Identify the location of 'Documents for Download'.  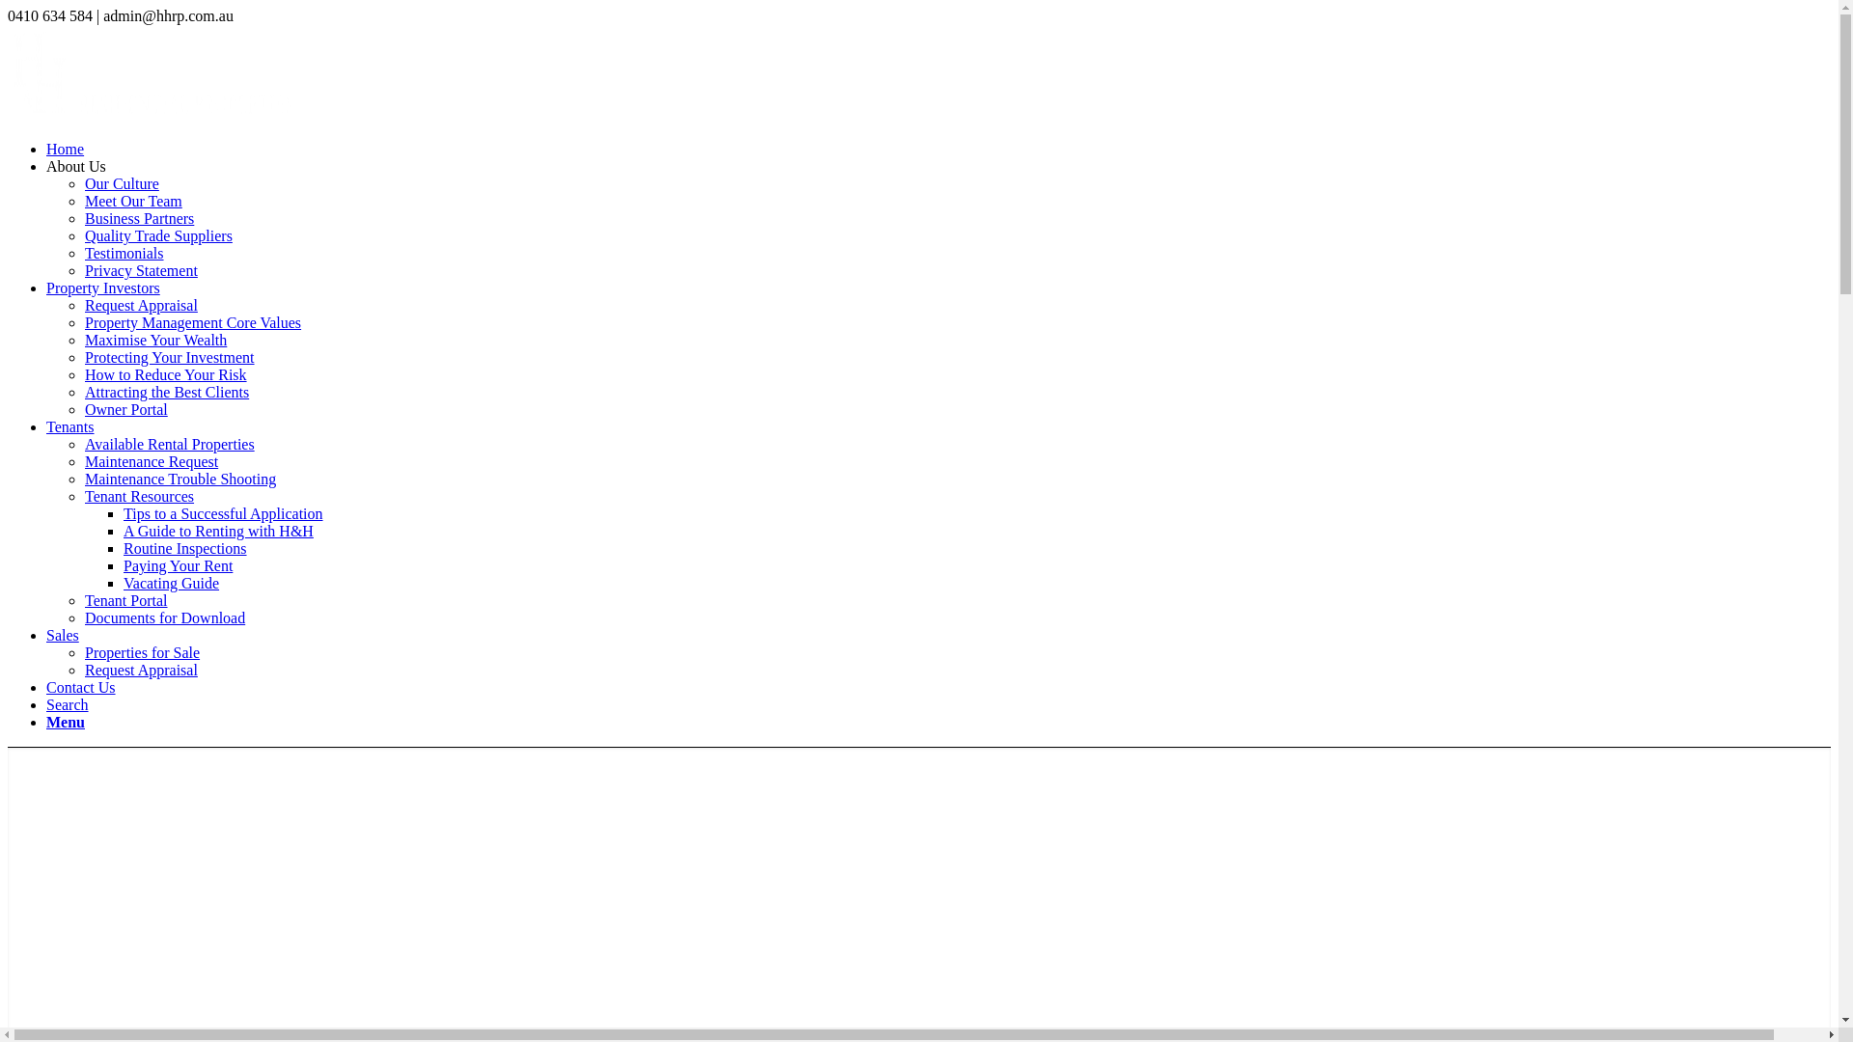
(83, 617).